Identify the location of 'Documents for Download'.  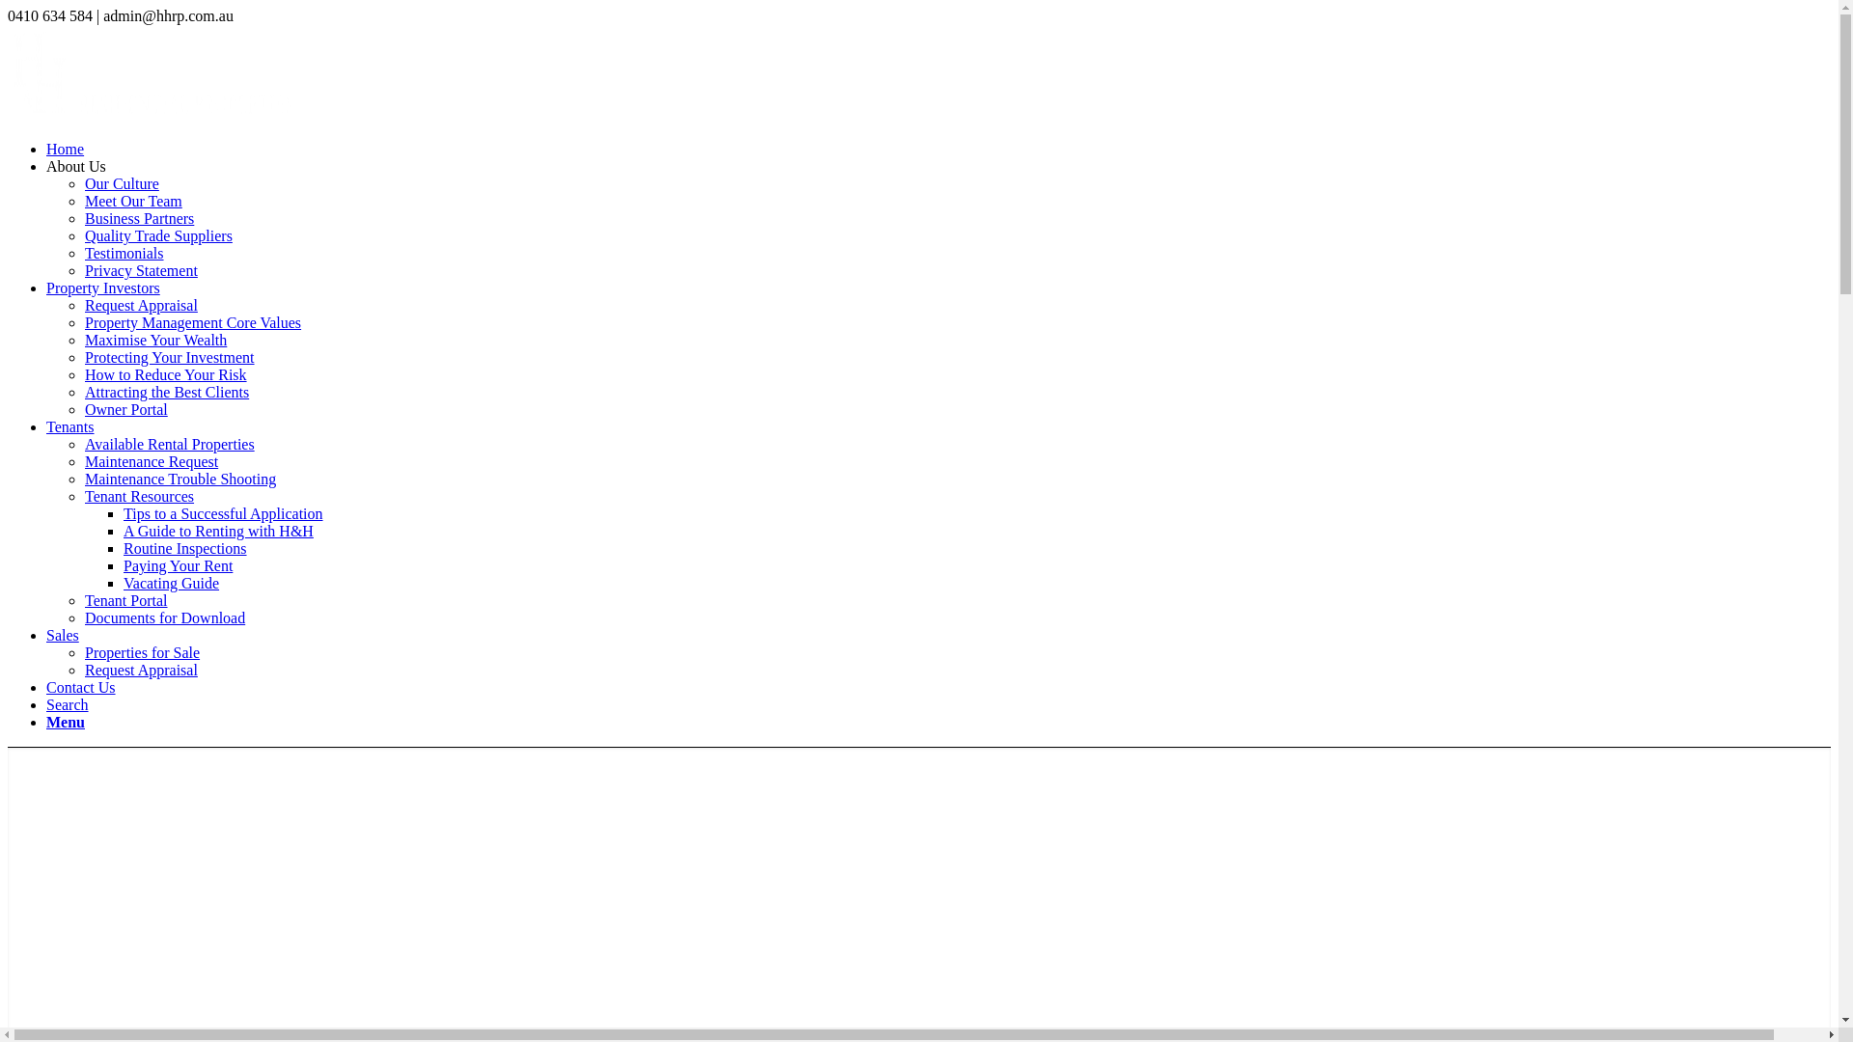
(83, 617).